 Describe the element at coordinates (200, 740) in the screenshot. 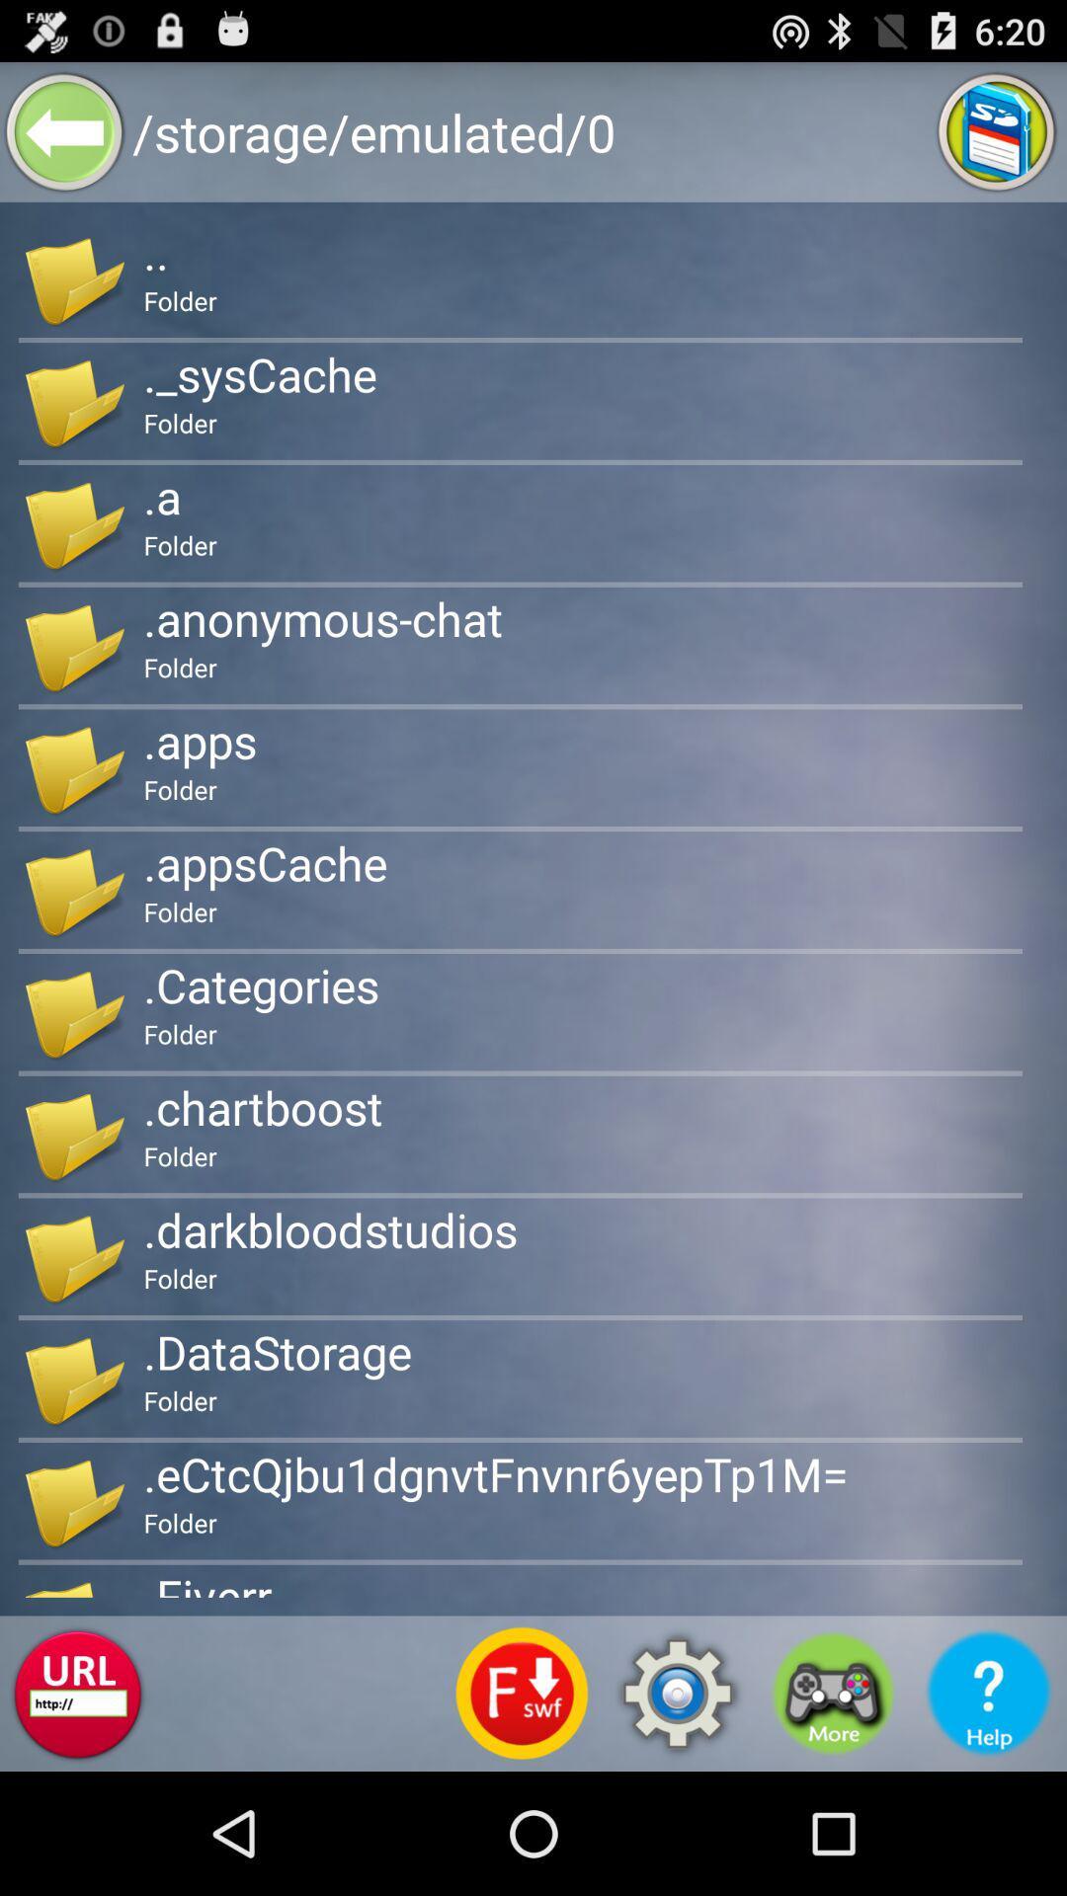

I see `.apps item` at that location.